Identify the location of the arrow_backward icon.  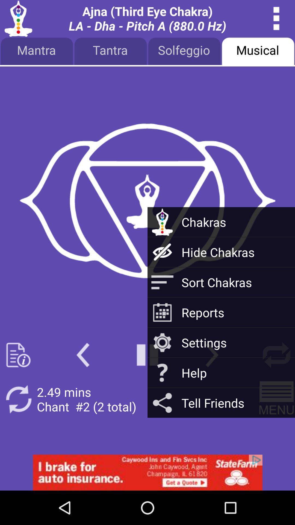
(83, 380).